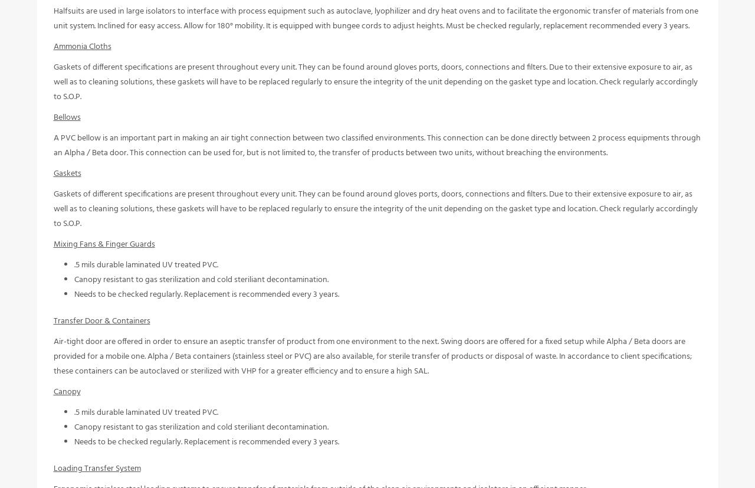 This screenshot has width=755, height=488. Describe the element at coordinates (372, 364) in the screenshot. I see `'Air-tight door are offered in order to ensure an aseptic transfer of product from one environment to the next. Swing doors are offered for a fixed setup while Alpha / Beta doors are provided for a mobile one. Alpha / Beta containers (stainless steel or PVC) are also available, for sterile transfer of products or disposal of waste. In accordance to client specifications; these containers can be autoclaved or sterilized with VHP for a greater efficiency and to ensure a high SAL.'` at that location.